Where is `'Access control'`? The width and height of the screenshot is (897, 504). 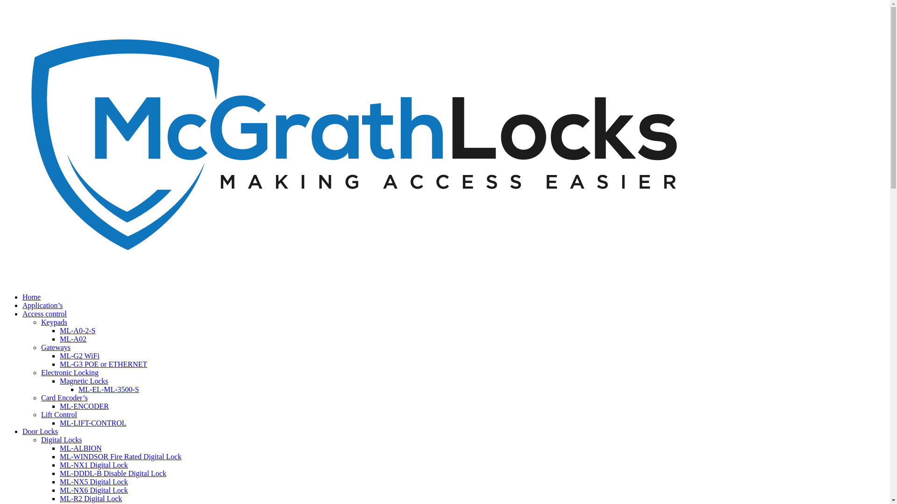
'Access control' is located at coordinates (44, 314).